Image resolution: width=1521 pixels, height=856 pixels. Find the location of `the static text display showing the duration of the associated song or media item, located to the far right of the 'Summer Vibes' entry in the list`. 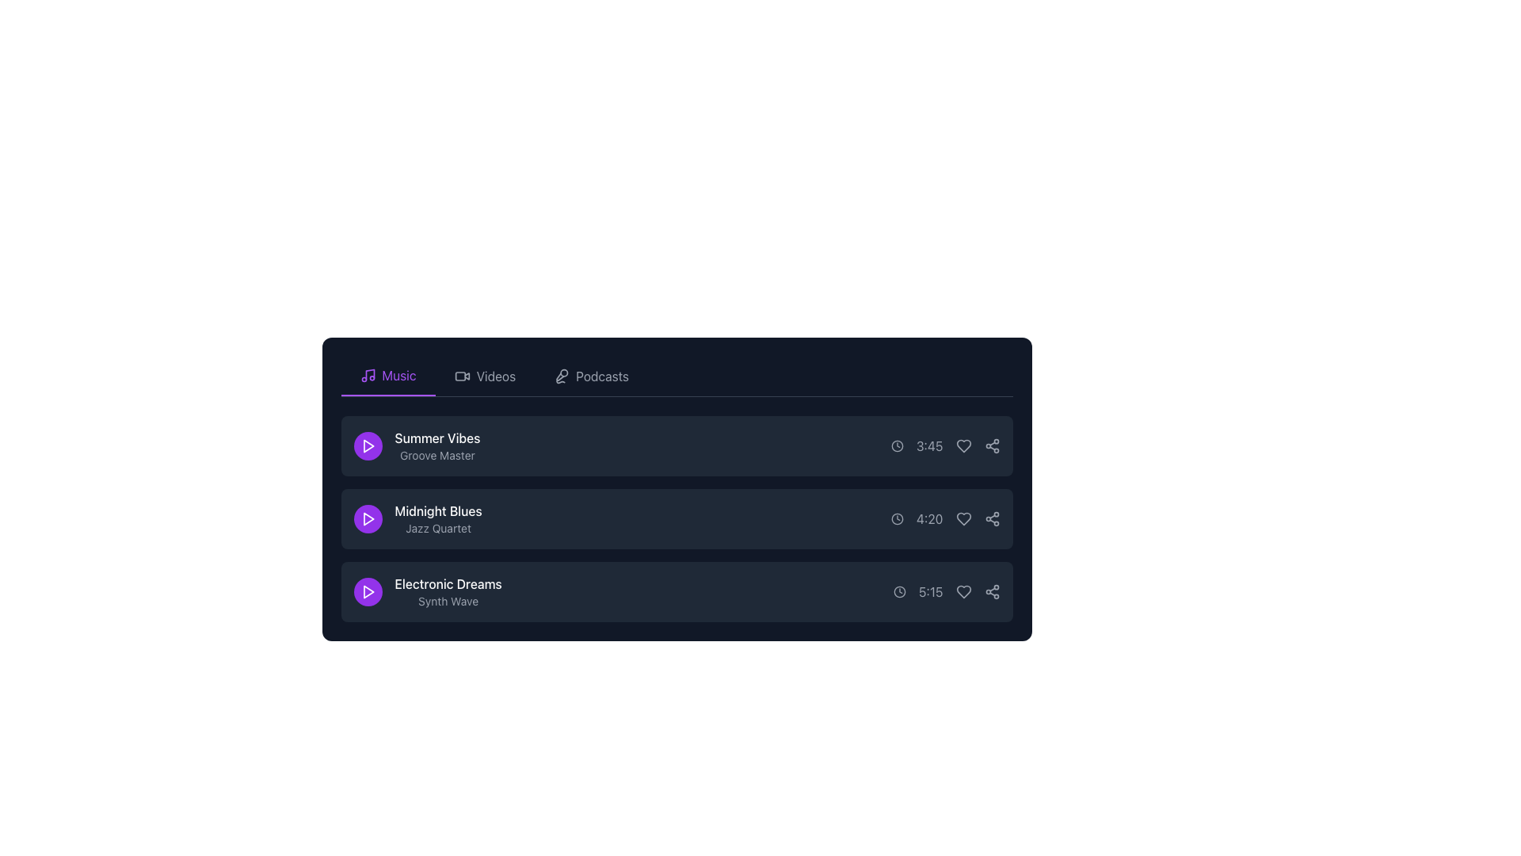

the static text display showing the duration of the associated song or media item, located to the far right of the 'Summer Vibes' entry in the list is located at coordinates (945, 446).